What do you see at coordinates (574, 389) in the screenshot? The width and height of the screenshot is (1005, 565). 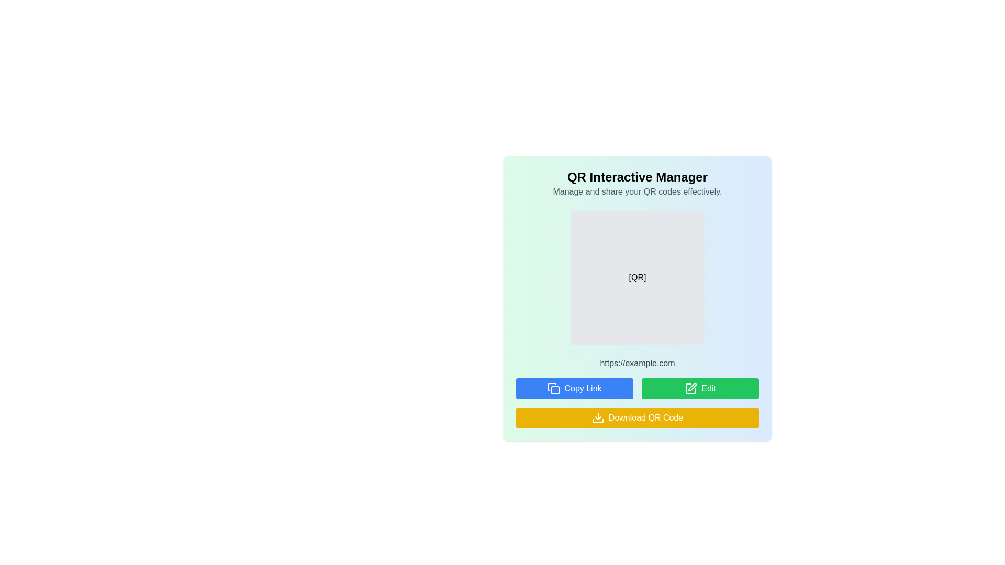 I see `the 'Copy Link' button, which has a blue background, rounded corners, and displays white text with a clipboard icon, to change its color` at bounding box center [574, 389].